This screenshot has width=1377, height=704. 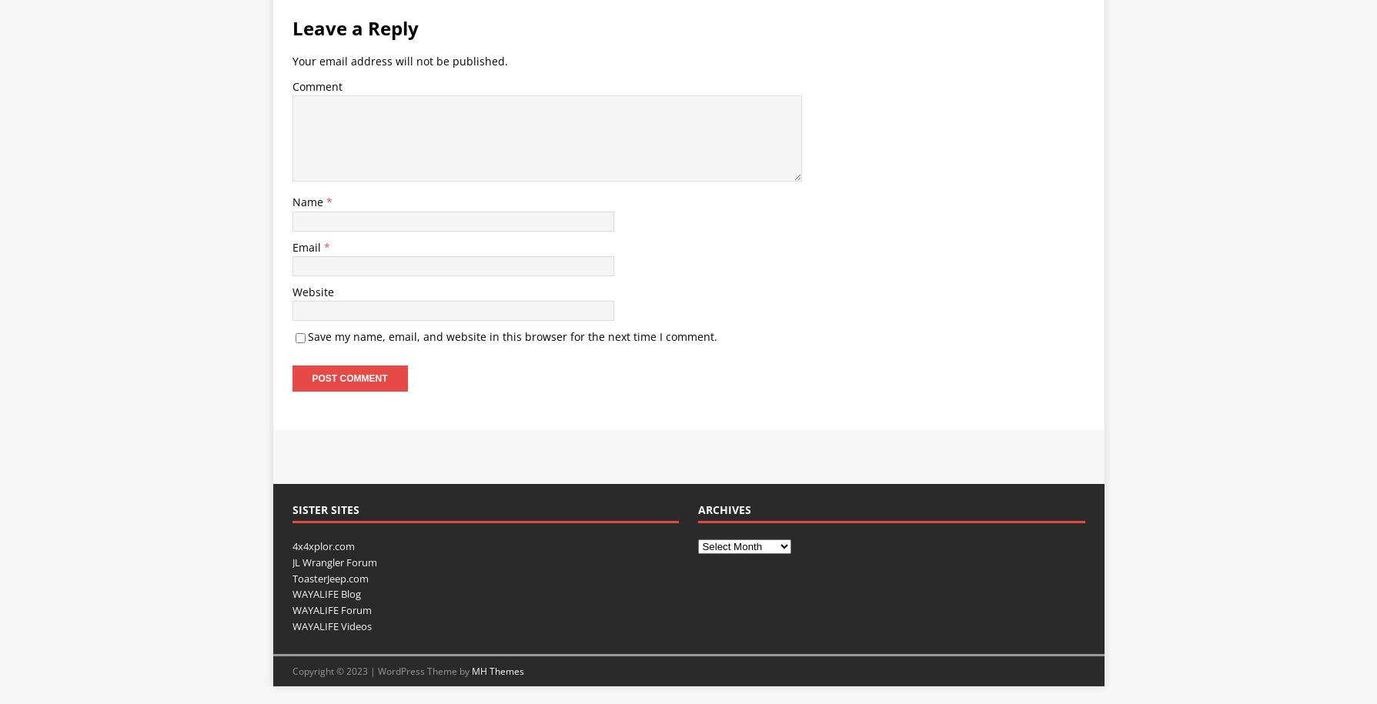 What do you see at coordinates (291, 609) in the screenshot?
I see `'WAYALIFE Forum'` at bounding box center [291, 609].